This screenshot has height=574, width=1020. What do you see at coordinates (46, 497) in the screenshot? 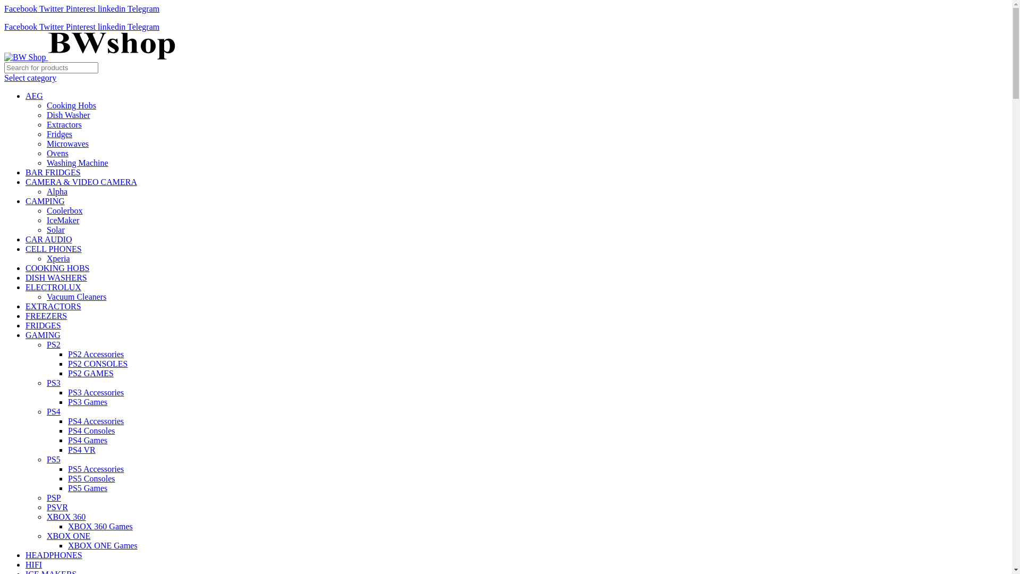
I see `'PSP'` at bounding box center [46, 497].